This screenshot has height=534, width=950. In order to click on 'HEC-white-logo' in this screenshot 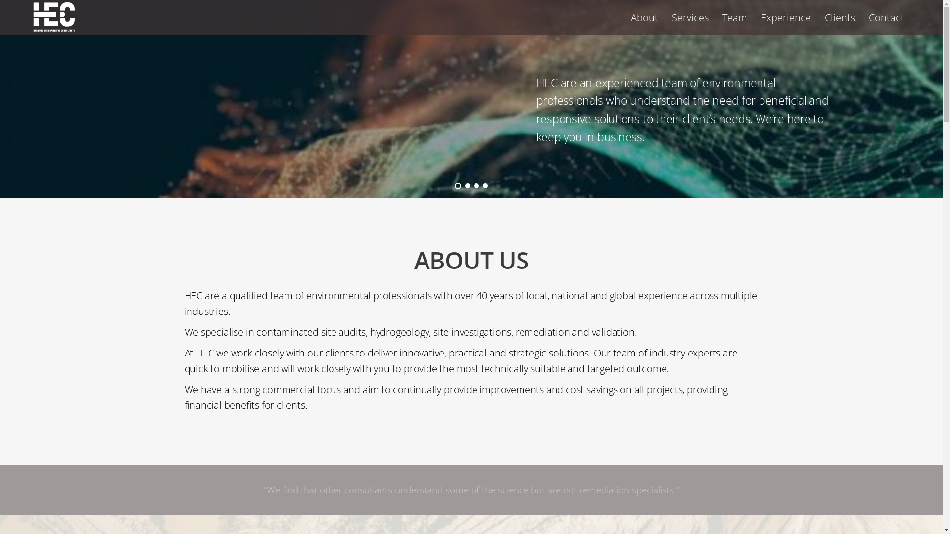, I will do `click(53, 17)`.